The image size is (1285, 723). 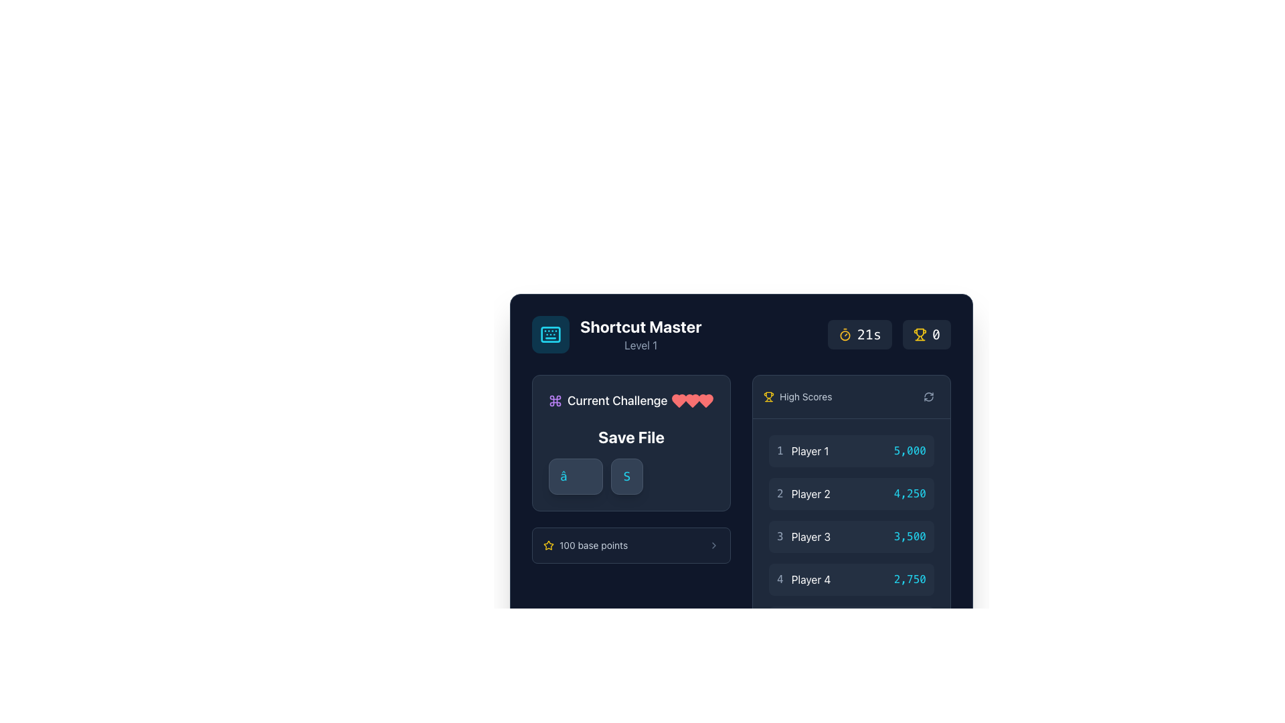 I want to click on the fourth entry in the 'High Scores' panel, which displays a user's name and their associated score, located between '3 Player 3 3,500' and '5 Player 5 2,000', so click(x=851, y=579).